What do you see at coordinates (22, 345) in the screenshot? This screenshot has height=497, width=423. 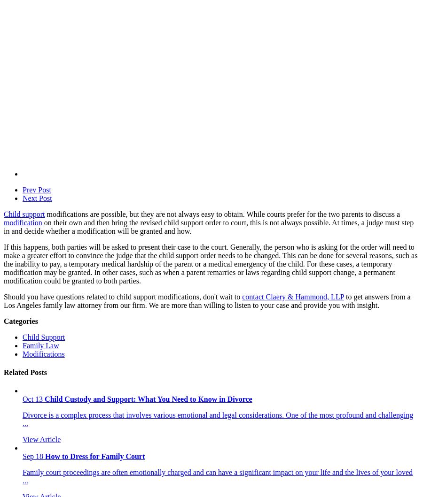 I see `'Family Law'` at bounding box center [22, 345].